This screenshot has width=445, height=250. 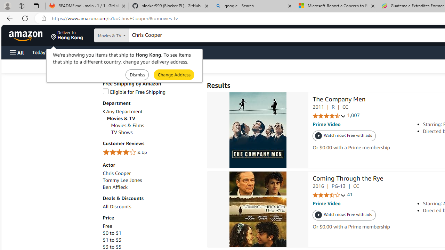 What do you see at coordinates (46, 52) in the screenshot?
I see `'Today'` at bounding box center [46, 52].